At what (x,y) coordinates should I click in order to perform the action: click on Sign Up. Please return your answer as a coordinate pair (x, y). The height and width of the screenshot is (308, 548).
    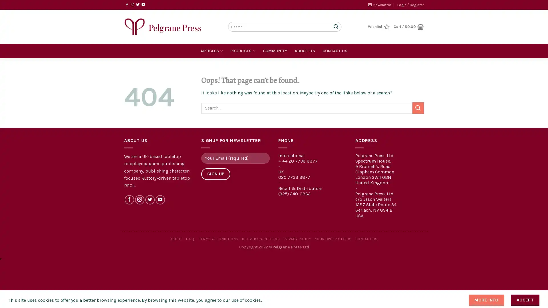
    Looking at the image, I should click on (208, 179).